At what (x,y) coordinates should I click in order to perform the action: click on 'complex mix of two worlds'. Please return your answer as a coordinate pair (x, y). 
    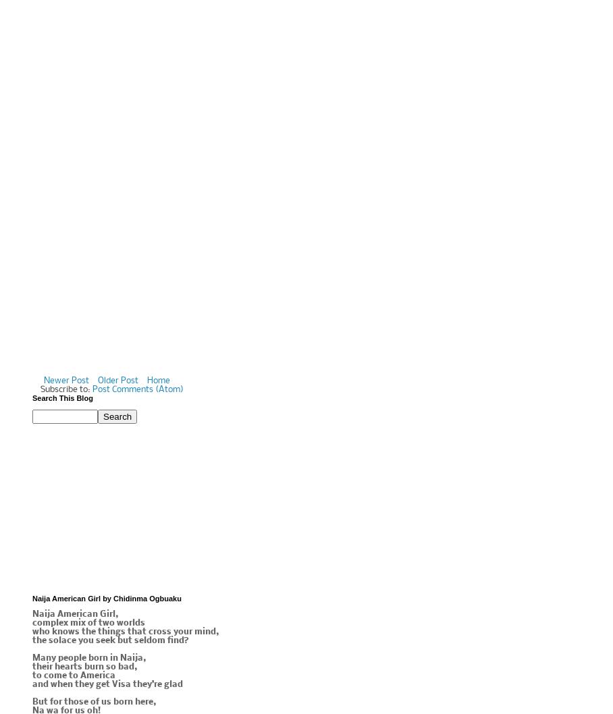
    Looking at the image, I should click on (88, 623).